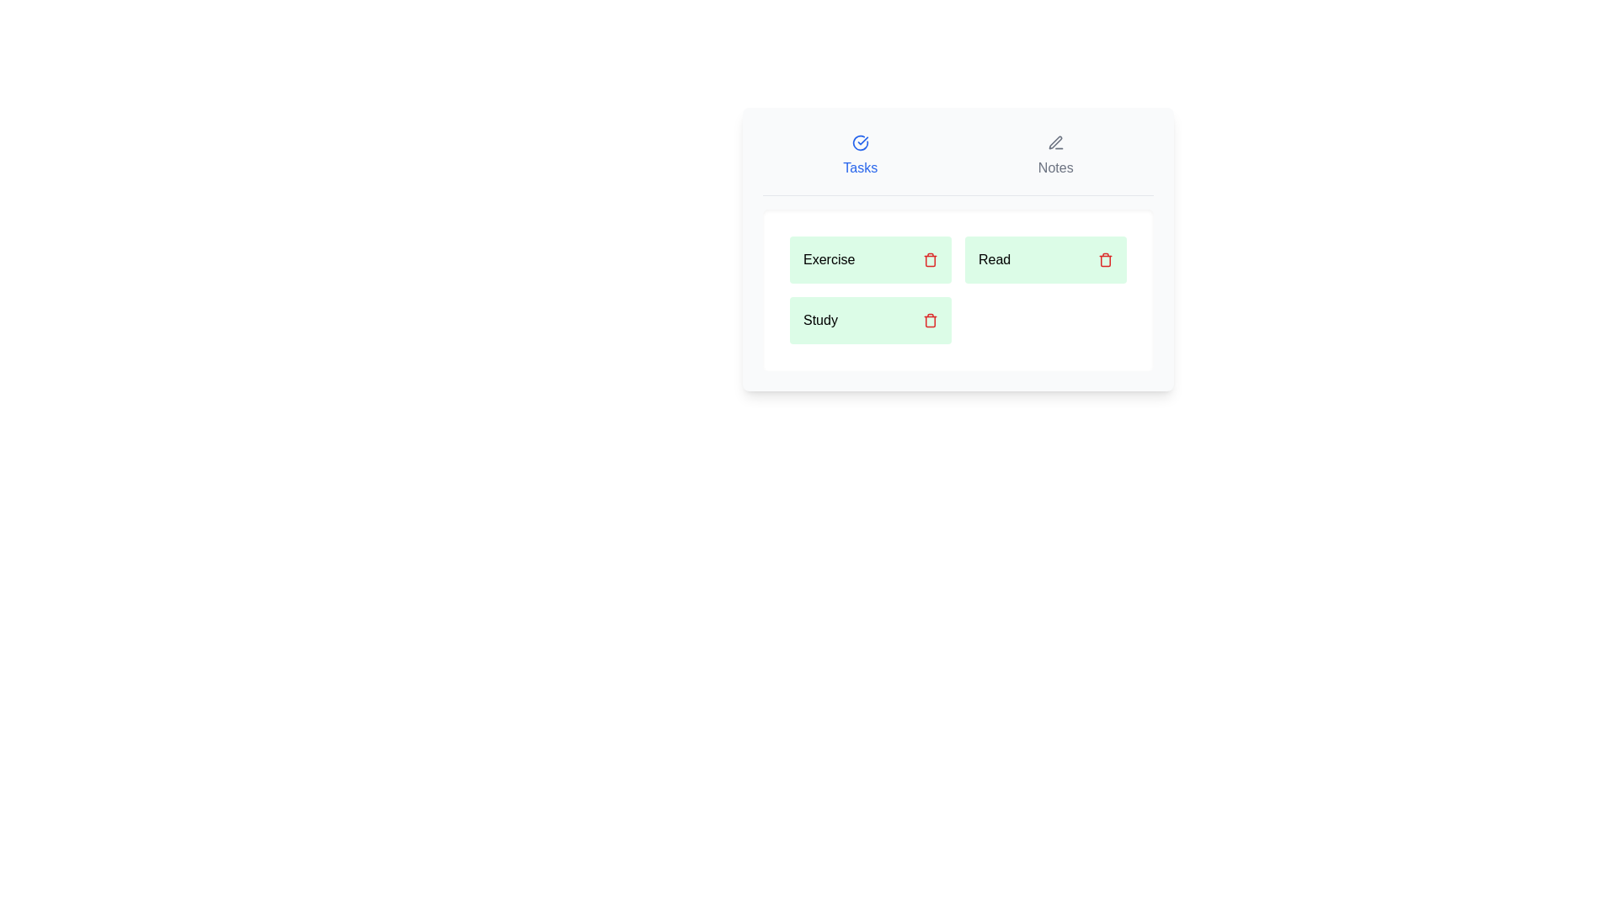 Image resolution: width=1617 pixels, height=909 pixels. Describe the element at coordinates (929, 321) in the screenshot. I see `delete button next to the specified task Study` at that location.